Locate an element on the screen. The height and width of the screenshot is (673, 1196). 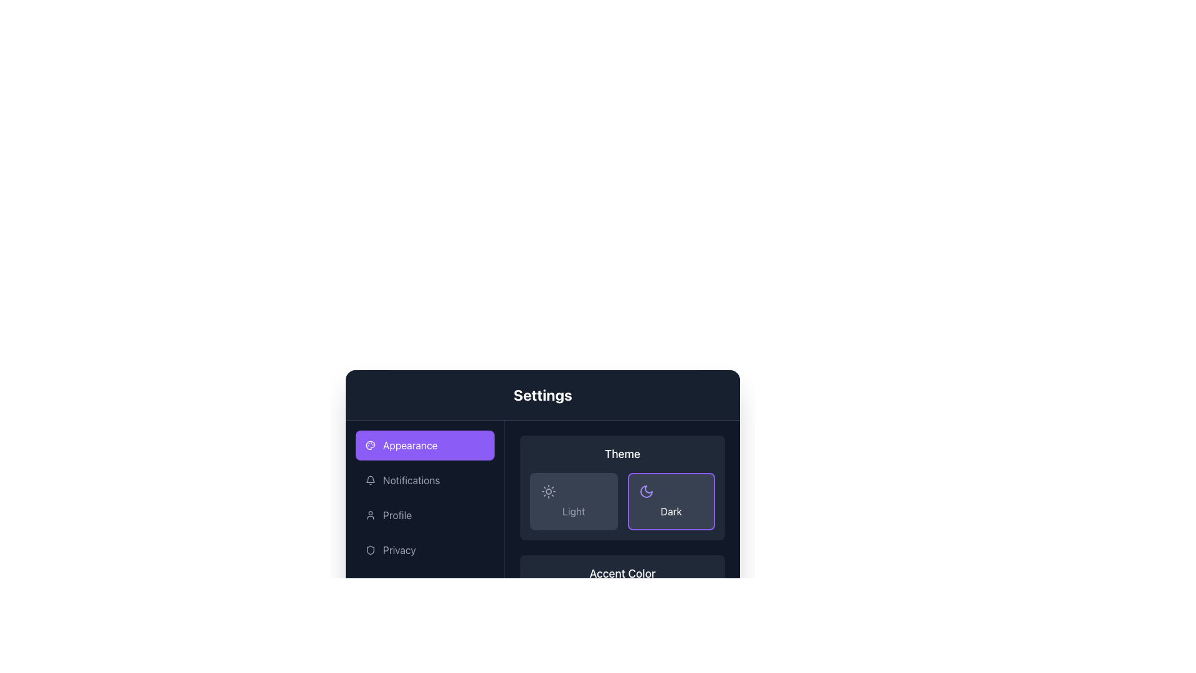
the crescent moon icon representing the 'Dark' theme in the top-left portion of the theme selector card, which is visually styled with a thin violet outline against a dark background is located at coordinates (646, 491).